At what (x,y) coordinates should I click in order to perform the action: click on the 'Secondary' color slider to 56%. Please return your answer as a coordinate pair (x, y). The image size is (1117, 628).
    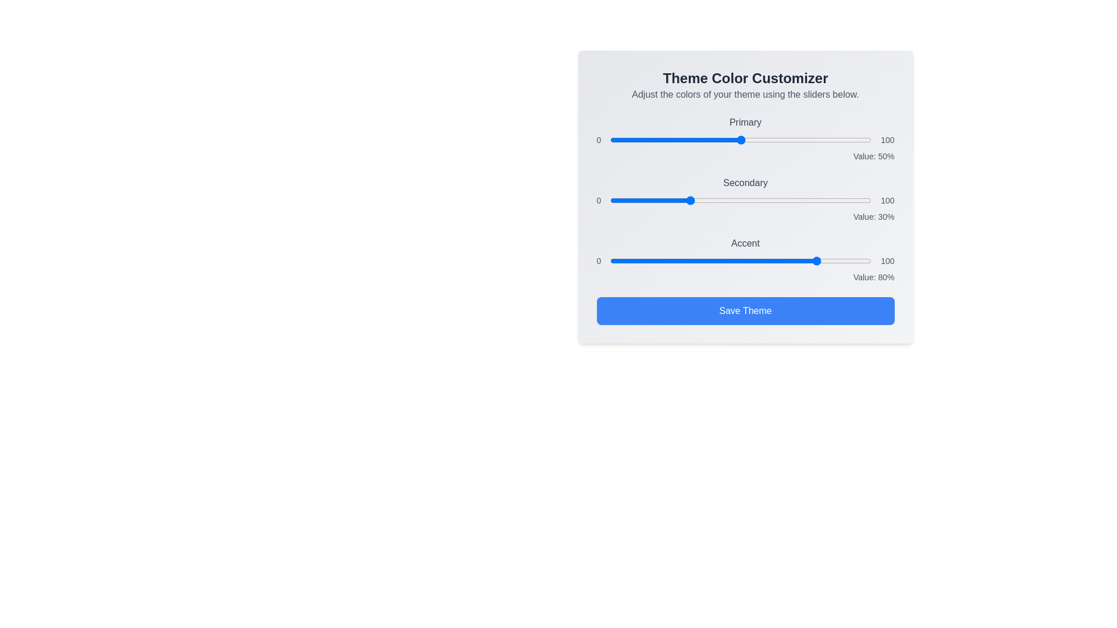
    Looking at the image, I should click on (756, 199).